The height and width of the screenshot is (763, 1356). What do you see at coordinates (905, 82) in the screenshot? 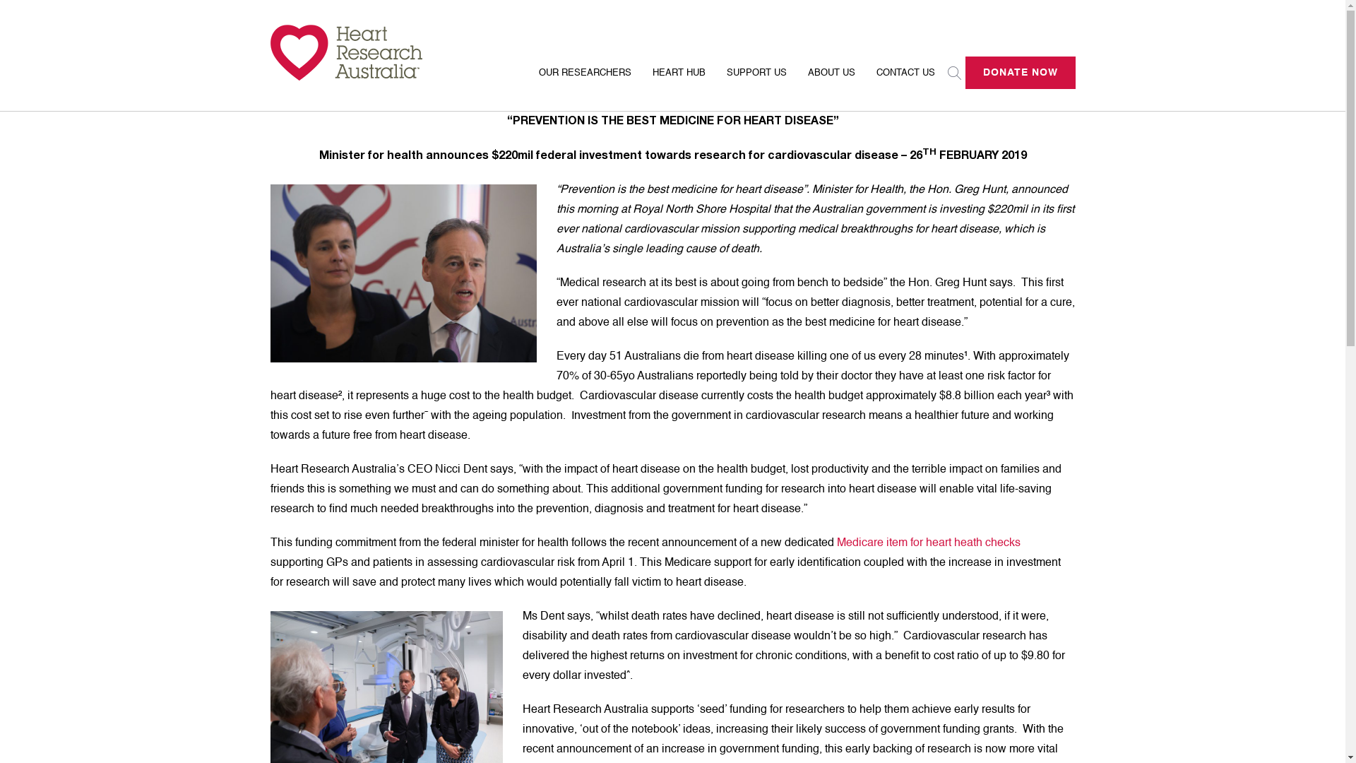
I see `'CONTACT US'` at bounding box center [905, 82].